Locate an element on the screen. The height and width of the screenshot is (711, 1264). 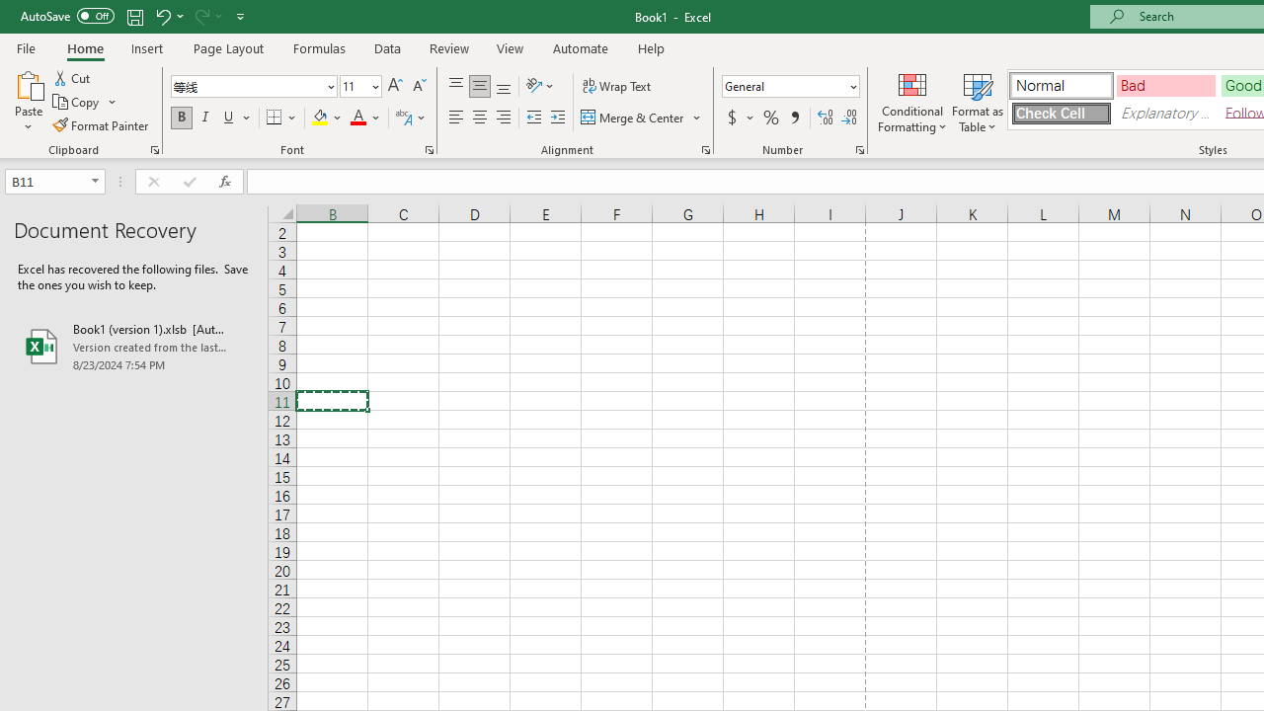
'Number Format' is located at coordinates (790, 85).